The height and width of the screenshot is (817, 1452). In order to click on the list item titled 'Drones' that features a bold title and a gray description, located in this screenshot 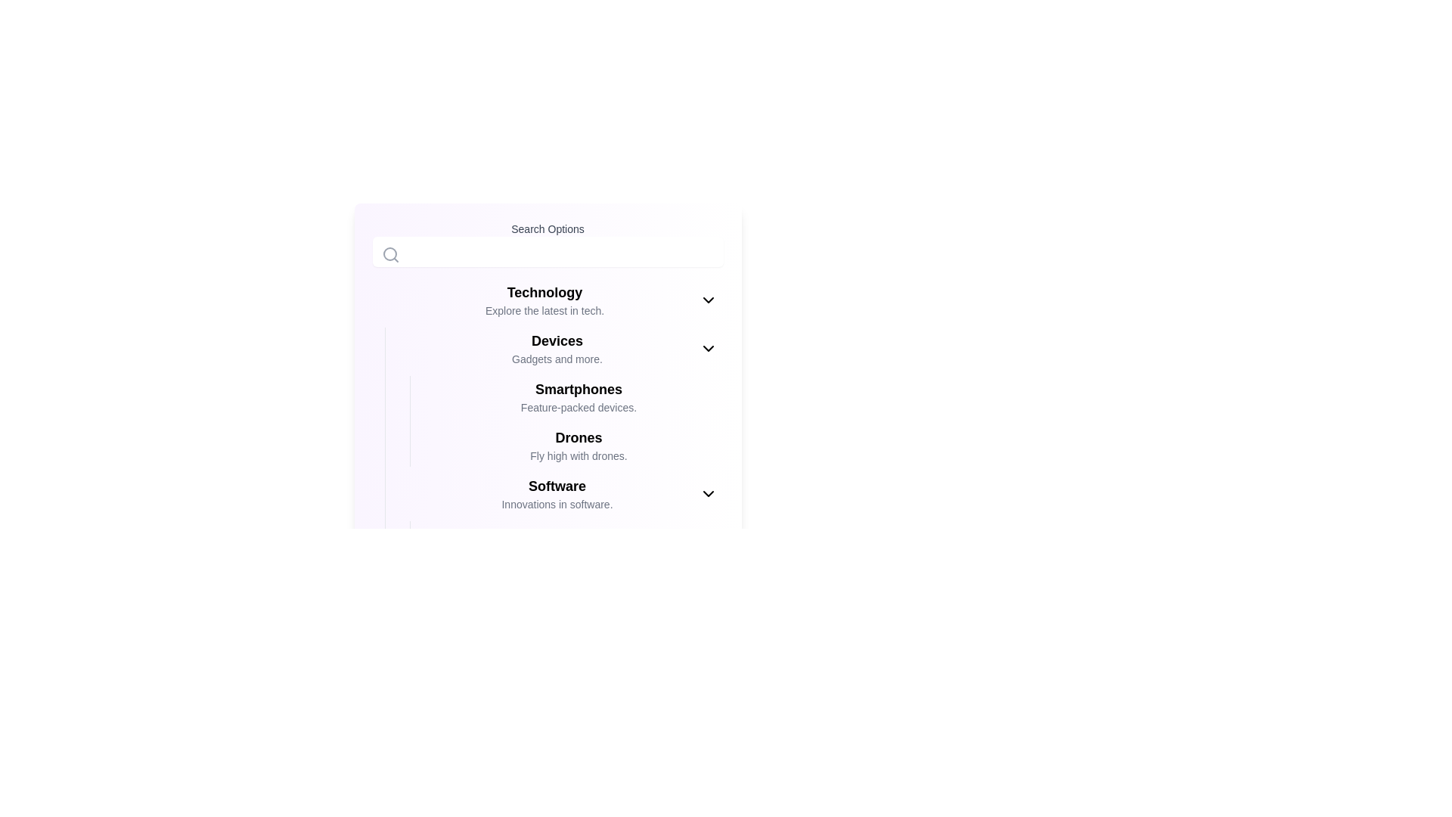, I will do `click(578, 445)`.